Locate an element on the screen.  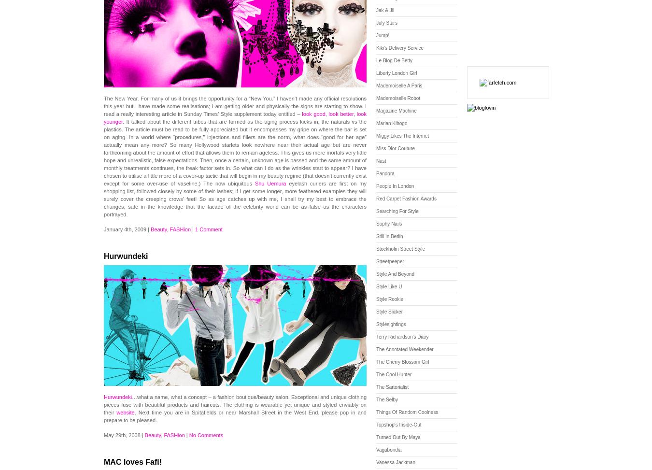
'Nast' is located at coordinates (381, 161).